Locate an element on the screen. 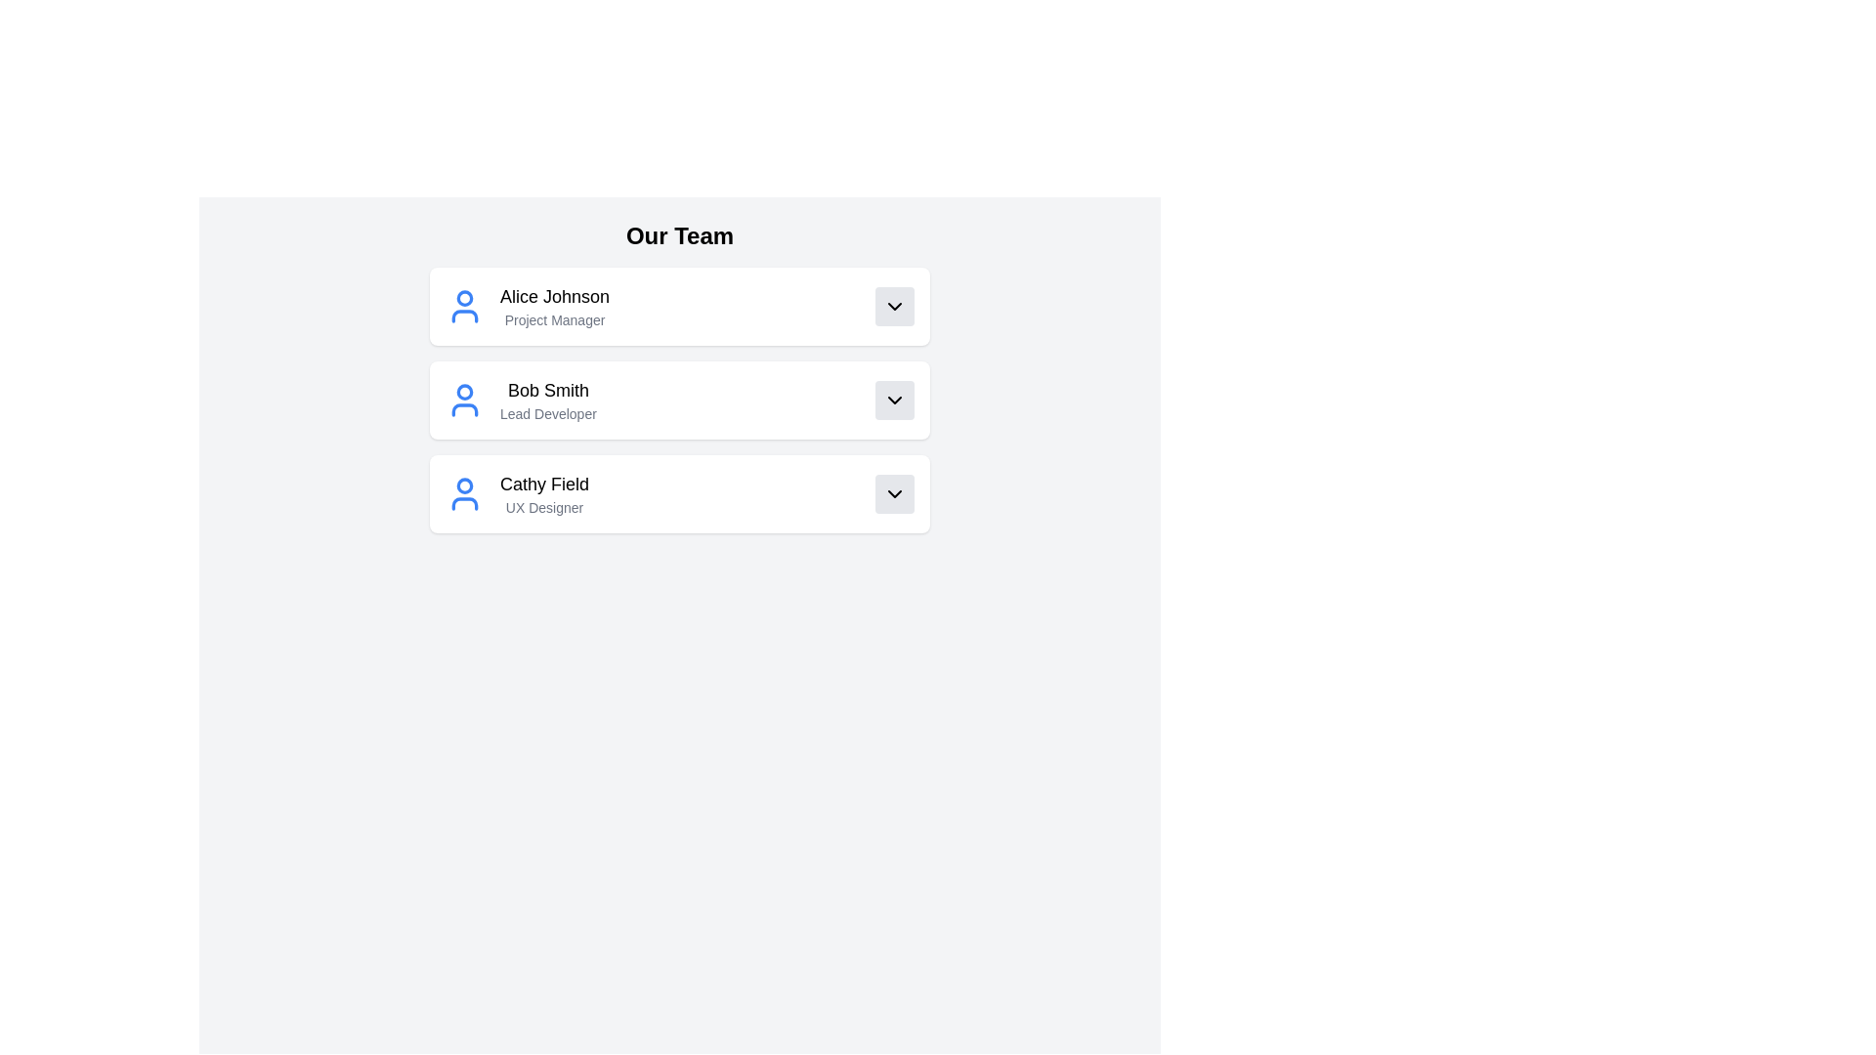 Image resolution: width=1876 pixels, height=1055 pixels. the user profile icon, which is a circular head and torso shape in blue, located to the left of 'Alice Johnson' and 'Project Manager' in the first card under the 'Our Team' section is located at coordinates (463, 306).